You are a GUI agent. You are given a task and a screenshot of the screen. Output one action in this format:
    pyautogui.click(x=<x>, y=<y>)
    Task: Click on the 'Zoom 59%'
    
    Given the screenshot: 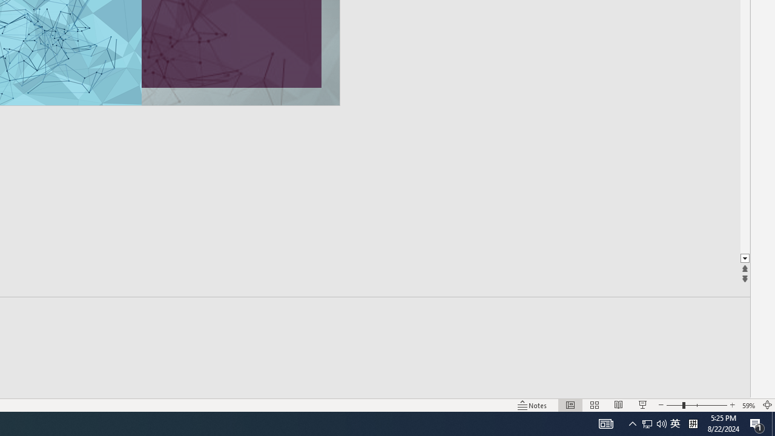 What is the action you would take?
    pyautogui.click(x=748, y=405)
    